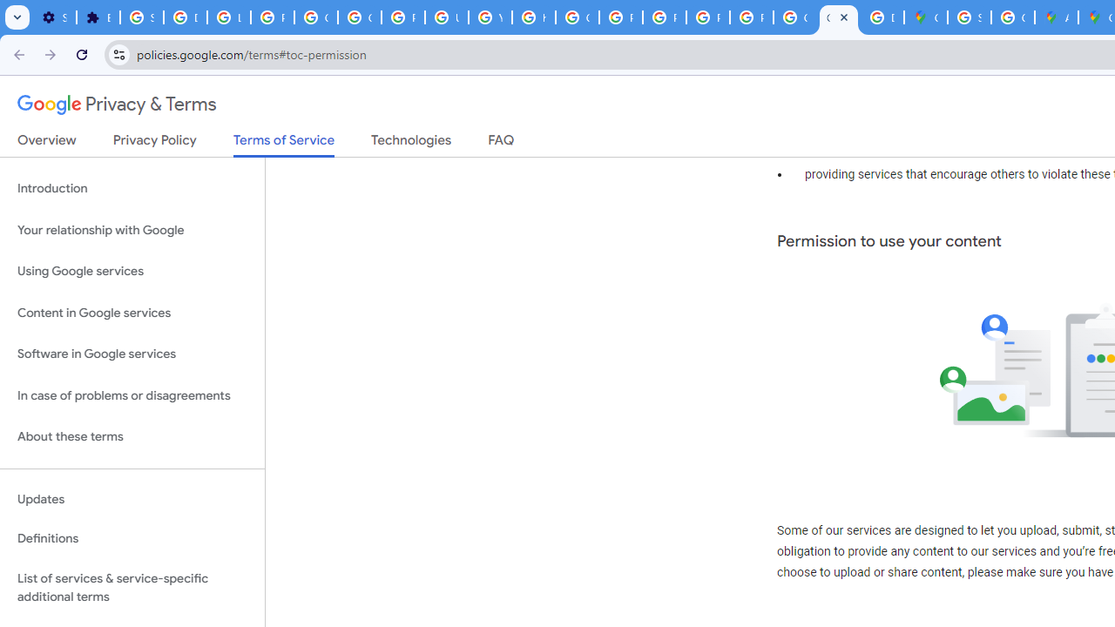  What do you see at coordinates (81, 53) in the screenshot?
I see `'Reload'` at bounding box center [81, 53].